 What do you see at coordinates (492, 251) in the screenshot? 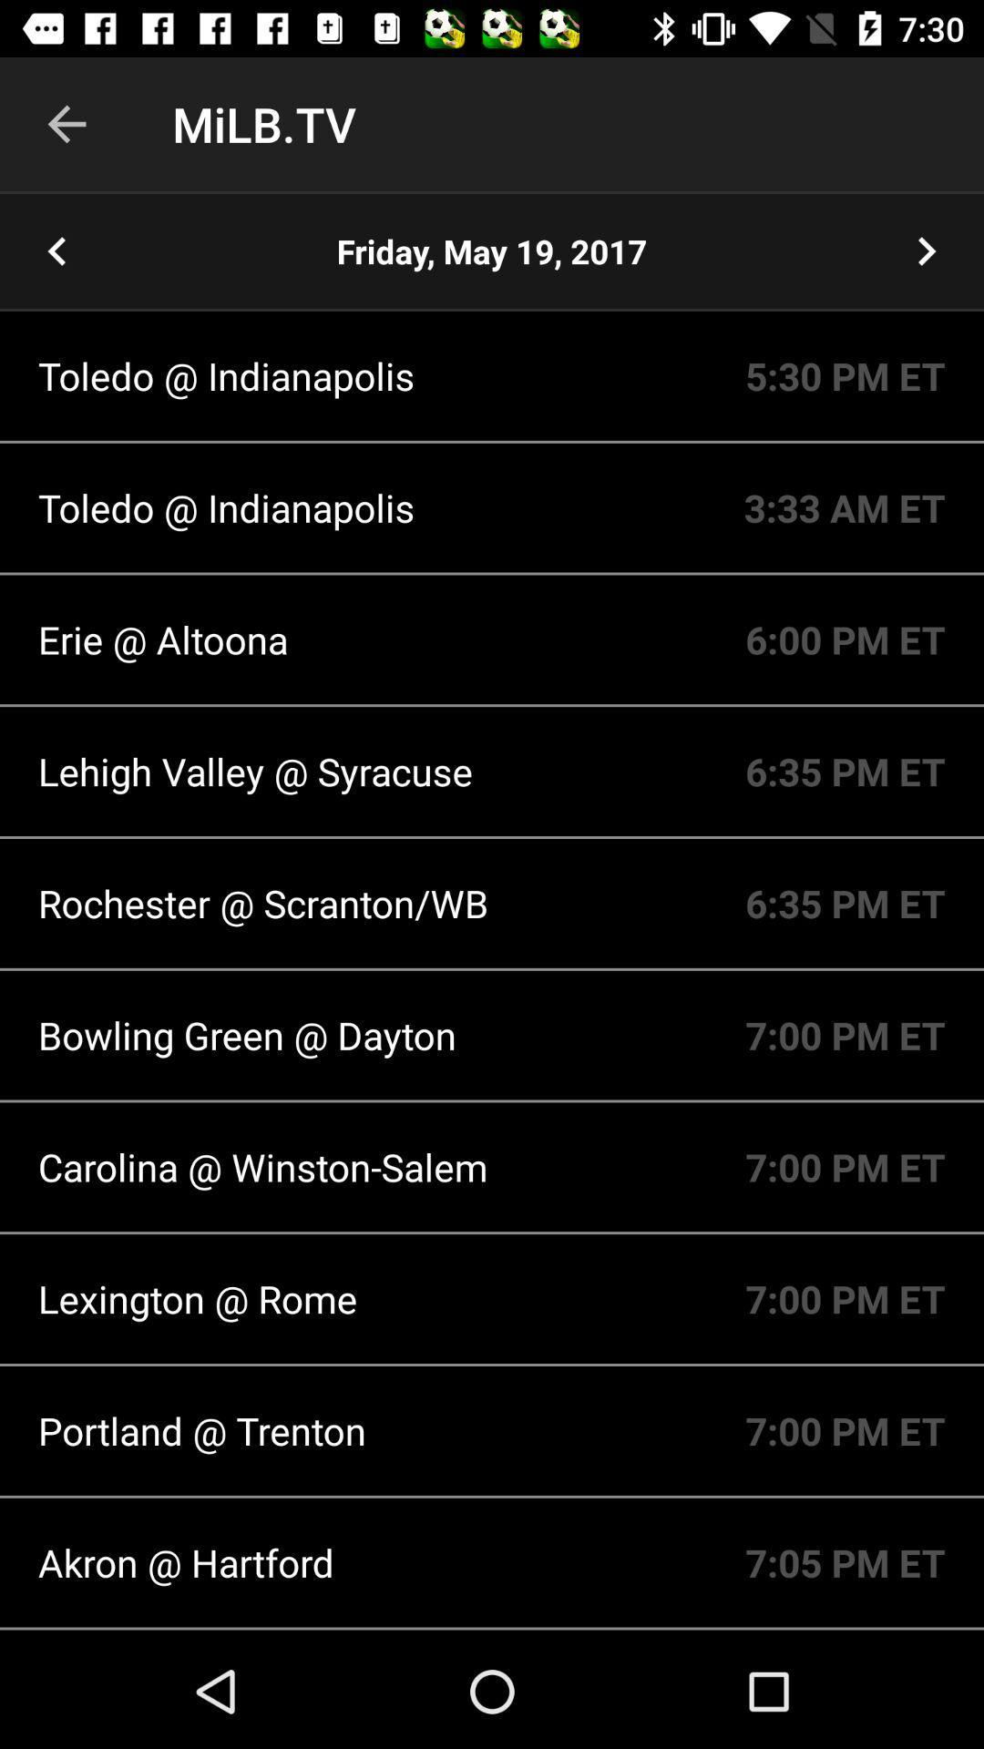
I see `the friday may 19 item` at bounding box center [492, 251].